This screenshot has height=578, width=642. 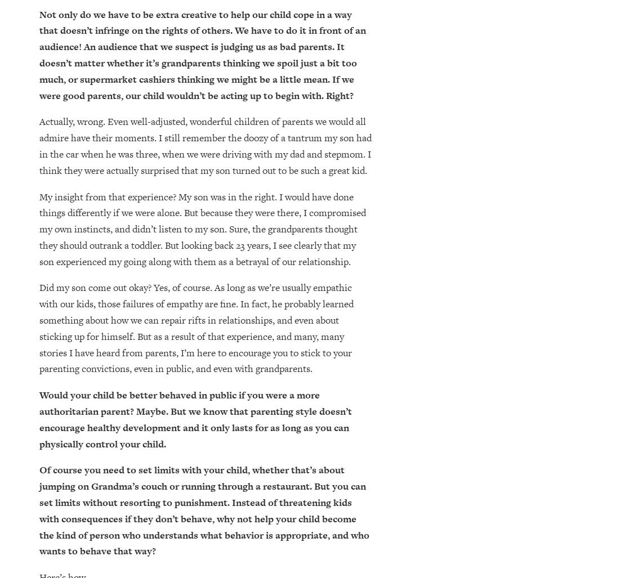 What do you see at coordinates (351, 438) in the screenshot?
I see `'About Us'` at bounding box center [351, 438].